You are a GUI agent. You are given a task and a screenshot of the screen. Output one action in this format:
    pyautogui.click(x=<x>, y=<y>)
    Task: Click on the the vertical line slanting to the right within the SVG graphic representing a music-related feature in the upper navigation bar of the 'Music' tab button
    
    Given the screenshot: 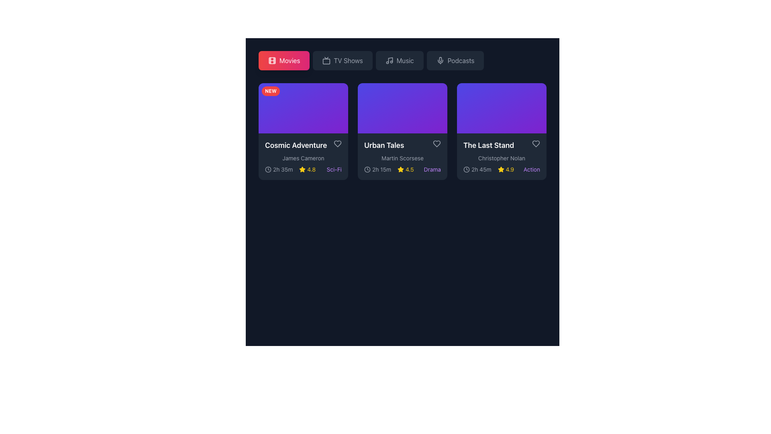 What is the action you would take?
    pyautogui.click(x=390, y=59)
    